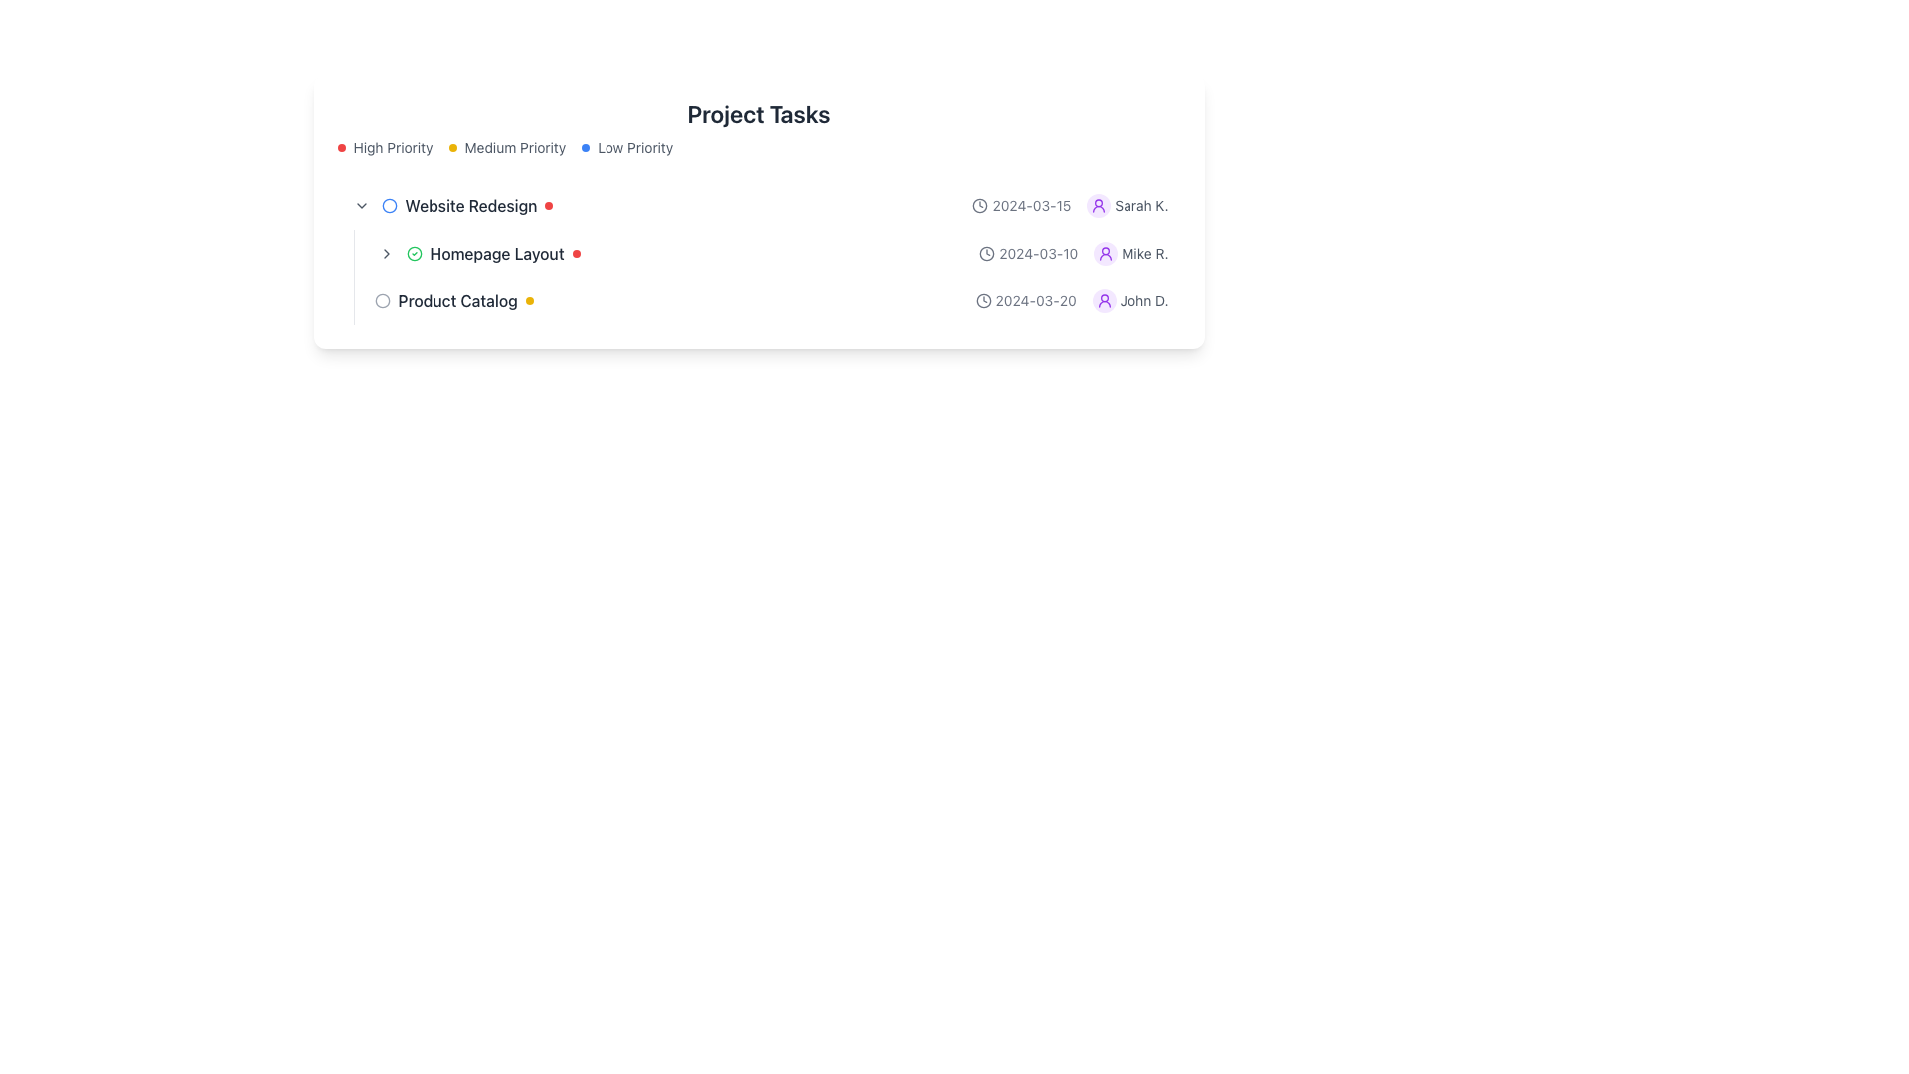 The image size is (1909, 1074). Describe the element at coordinates (515, 147) in the screenshot. I see `the 'Medium Priority' label, which is the second label in a horizontal alignment with 'High Priority' and 'Low Priority', located in the upper portion of the user interface` at that location.